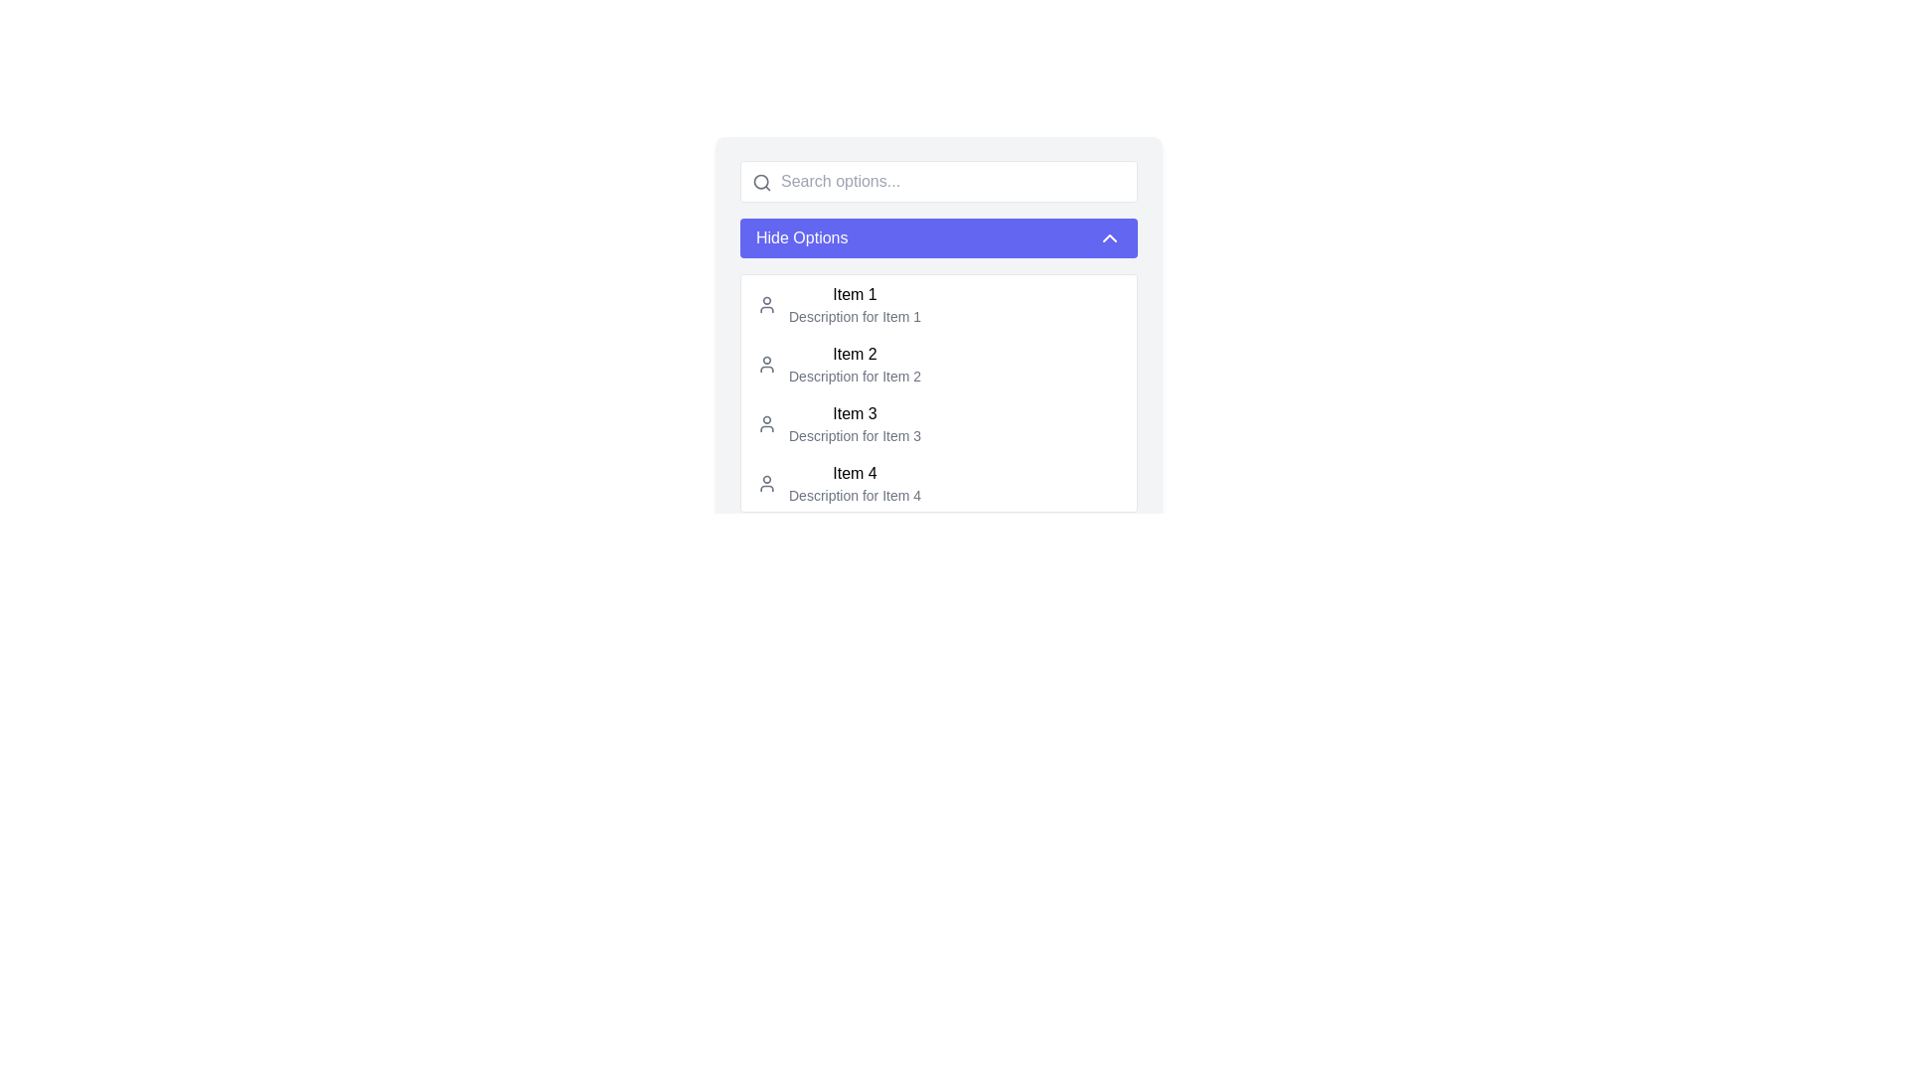  I want to click on the text label providing secondary information for 'Item 2', located in the second row of the vertical list, so click(855, 376).